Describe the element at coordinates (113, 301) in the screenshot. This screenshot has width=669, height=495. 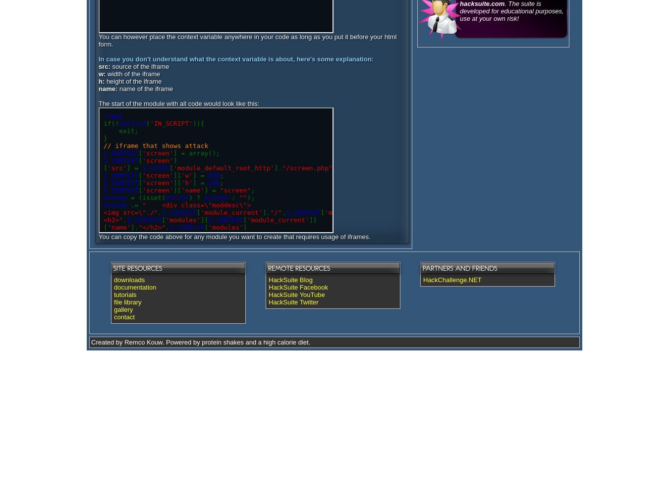
I see `'file library'` at that location.